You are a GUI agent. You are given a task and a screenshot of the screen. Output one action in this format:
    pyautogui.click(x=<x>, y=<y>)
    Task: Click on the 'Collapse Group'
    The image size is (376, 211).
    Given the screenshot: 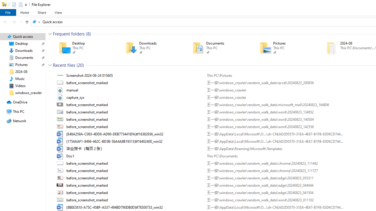 What is the action you would take?
    pyautogui.click(x=50, y=65)
    